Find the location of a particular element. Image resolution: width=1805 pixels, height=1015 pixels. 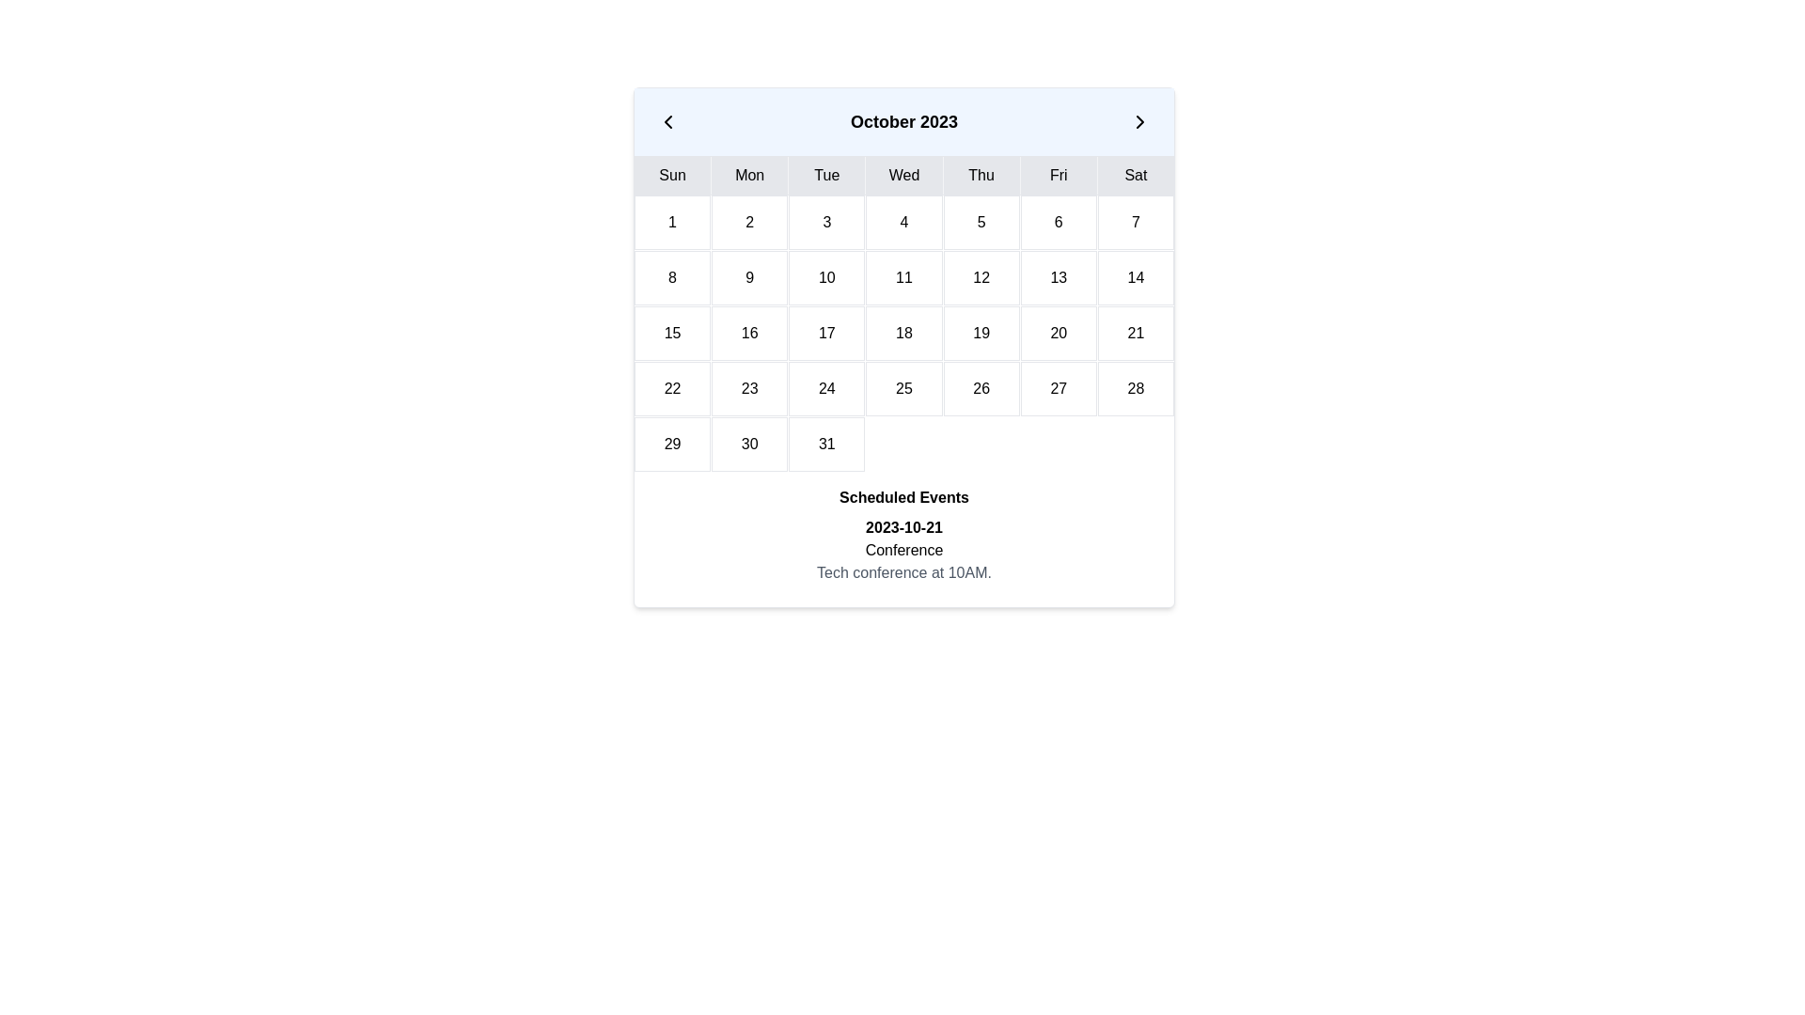

the text label representing 'Saturday' in the top row of the calendar interface is located at coordinates (1135, 175).